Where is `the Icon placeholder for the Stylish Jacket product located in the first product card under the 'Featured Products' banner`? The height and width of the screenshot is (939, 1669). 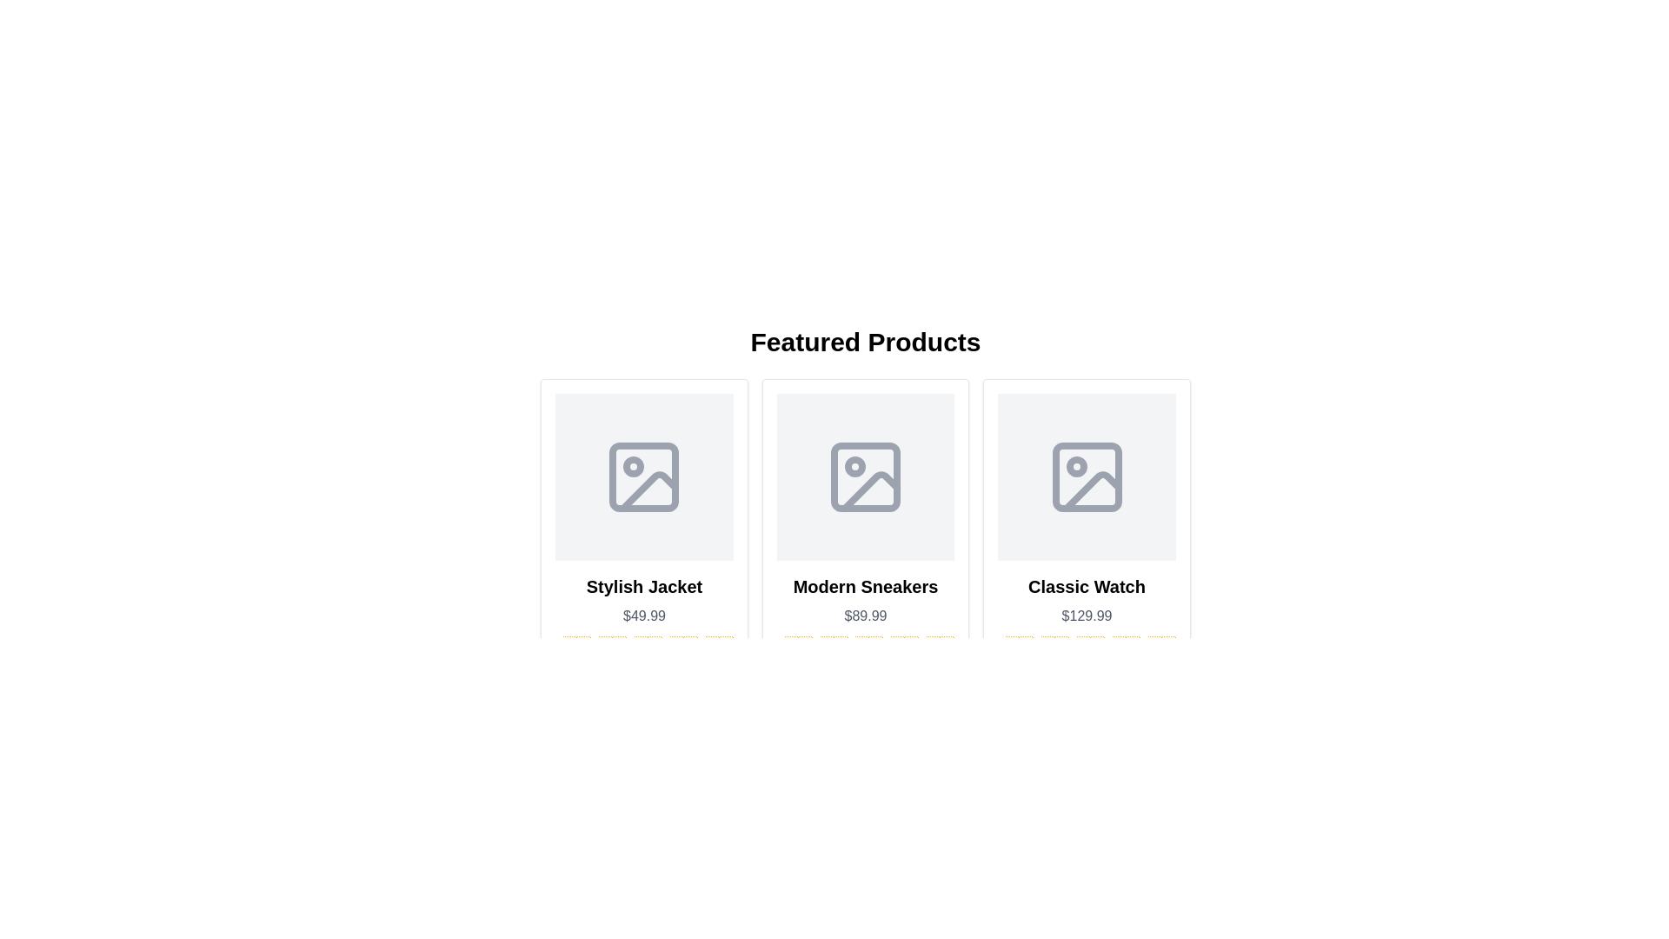 the Icon placeholder for the Stylish Jacket product located in the first product card under the 'Featured Products' banner is located at coordinates (643, 476).